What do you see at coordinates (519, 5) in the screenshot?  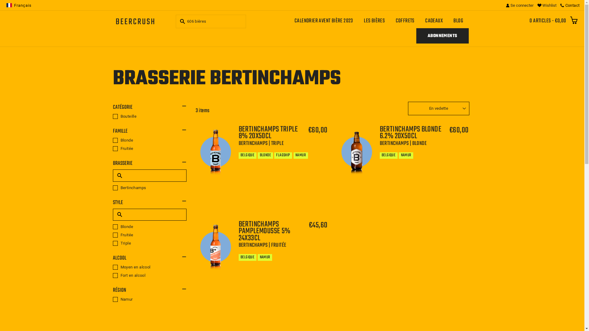 I see `'Se connecter'` at bounding box center [519, 5].